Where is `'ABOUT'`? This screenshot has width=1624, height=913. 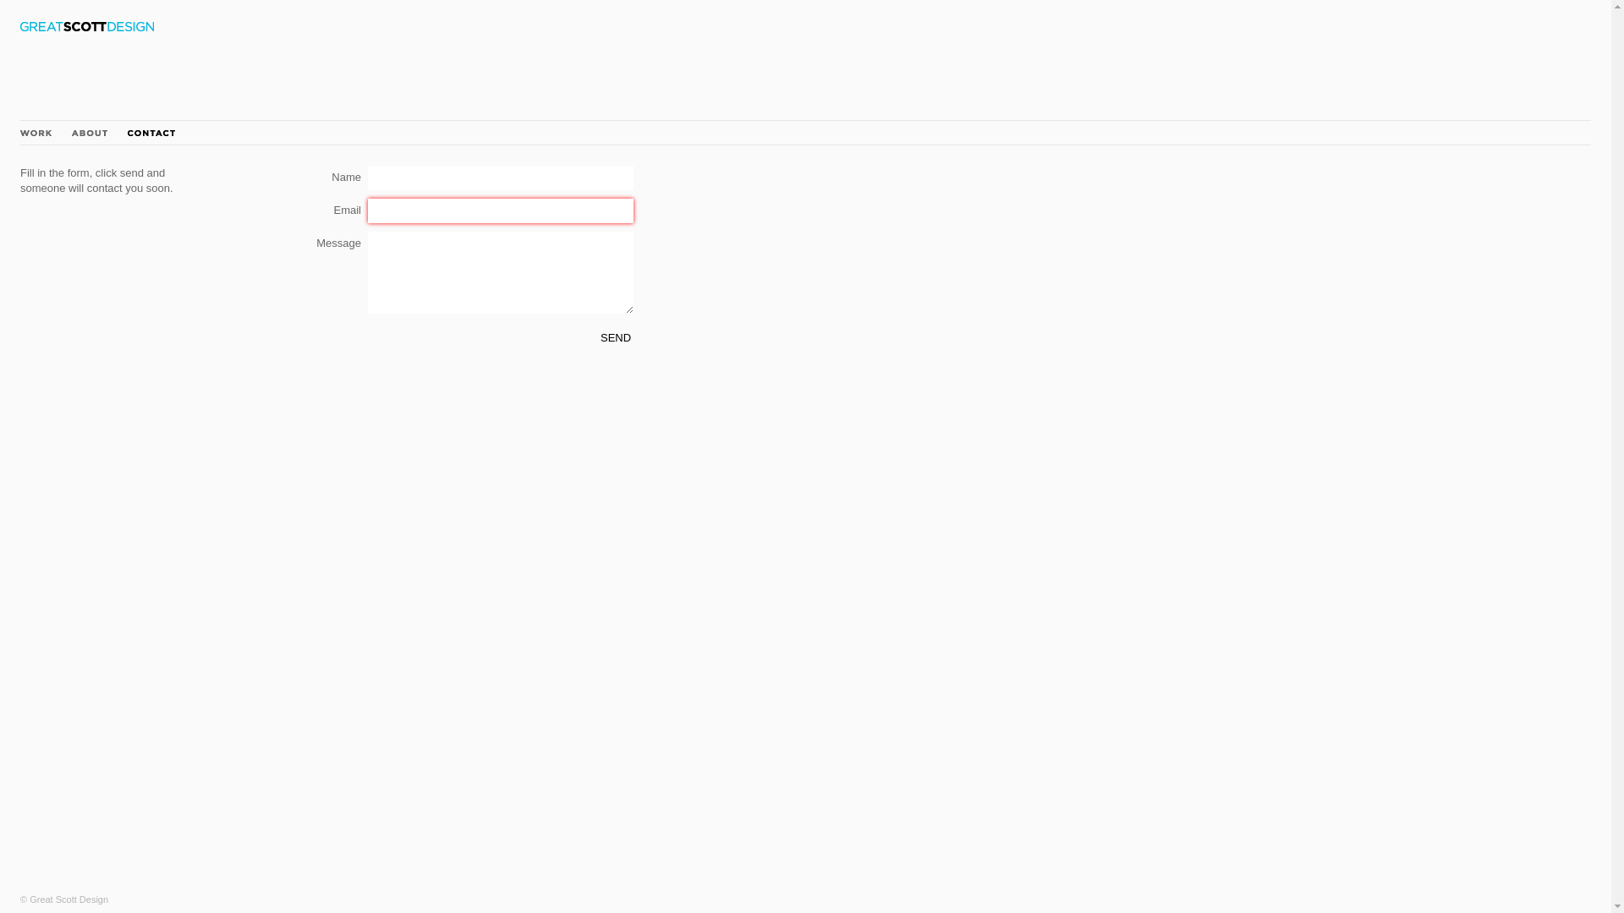 'ABOUT' is located at coordinates (71, 132).